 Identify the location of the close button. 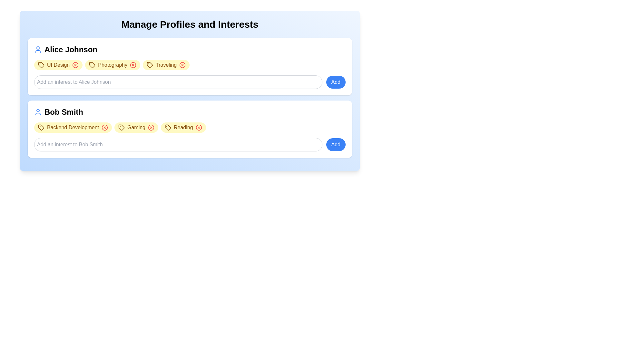
(151, 128).